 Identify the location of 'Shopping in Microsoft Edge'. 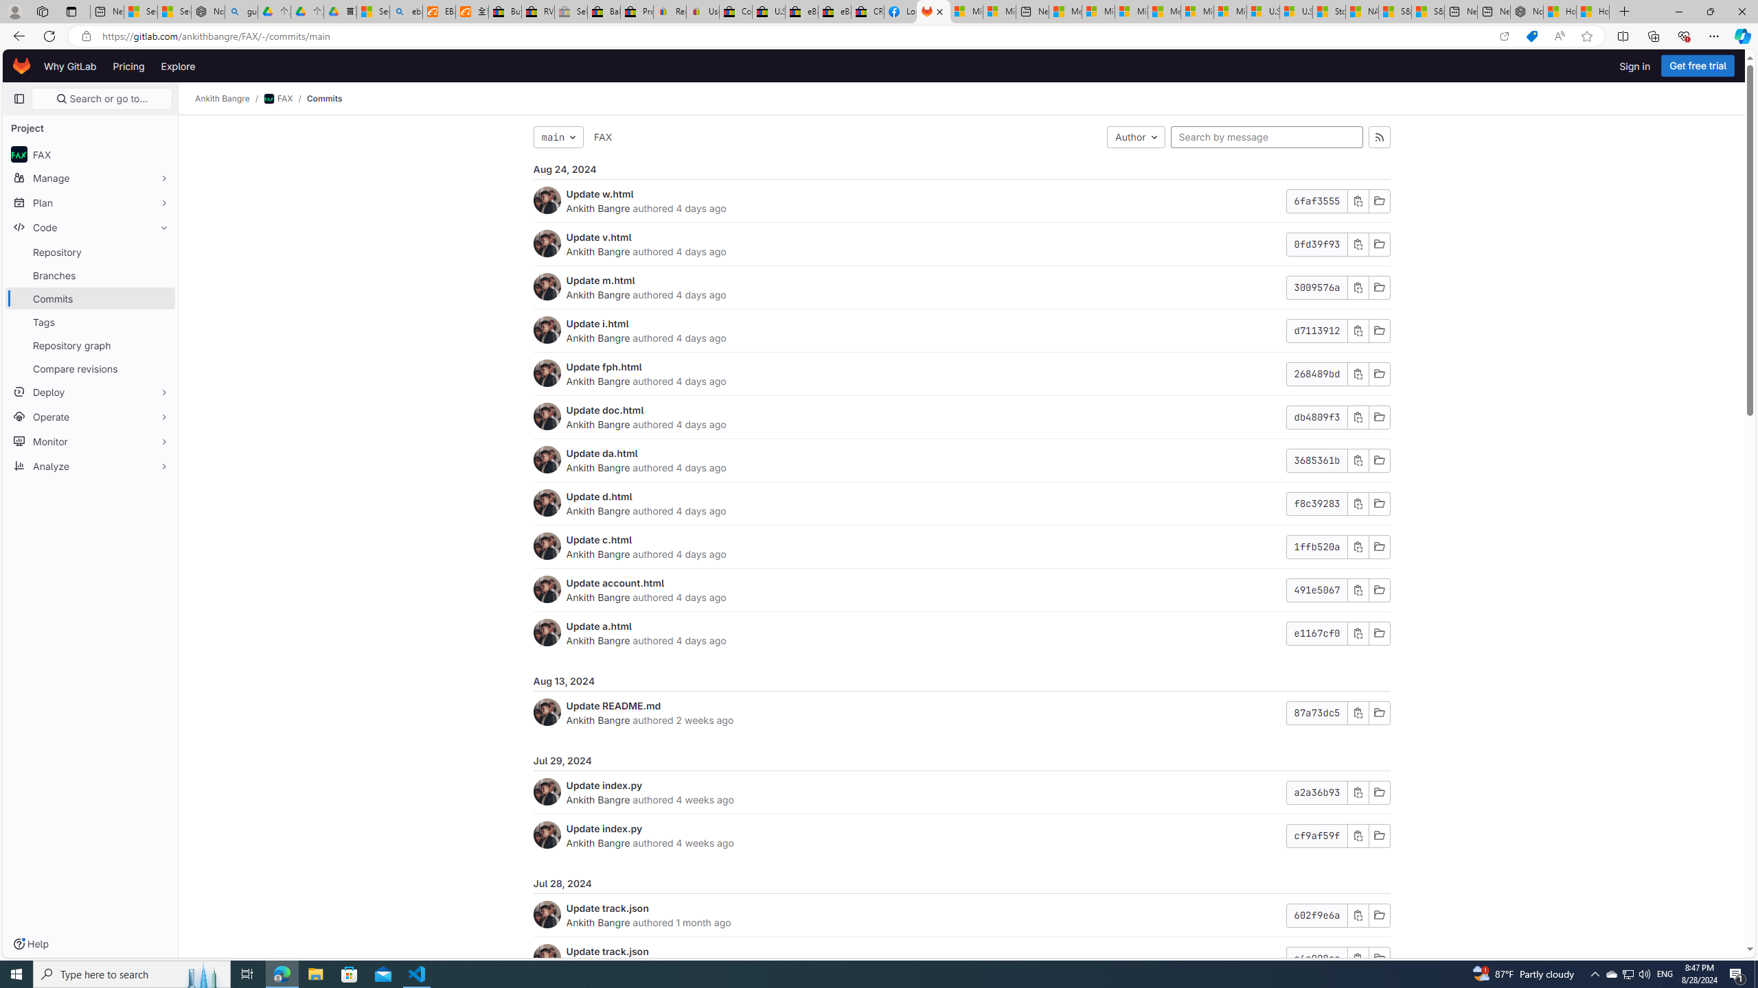
(1531, 36).